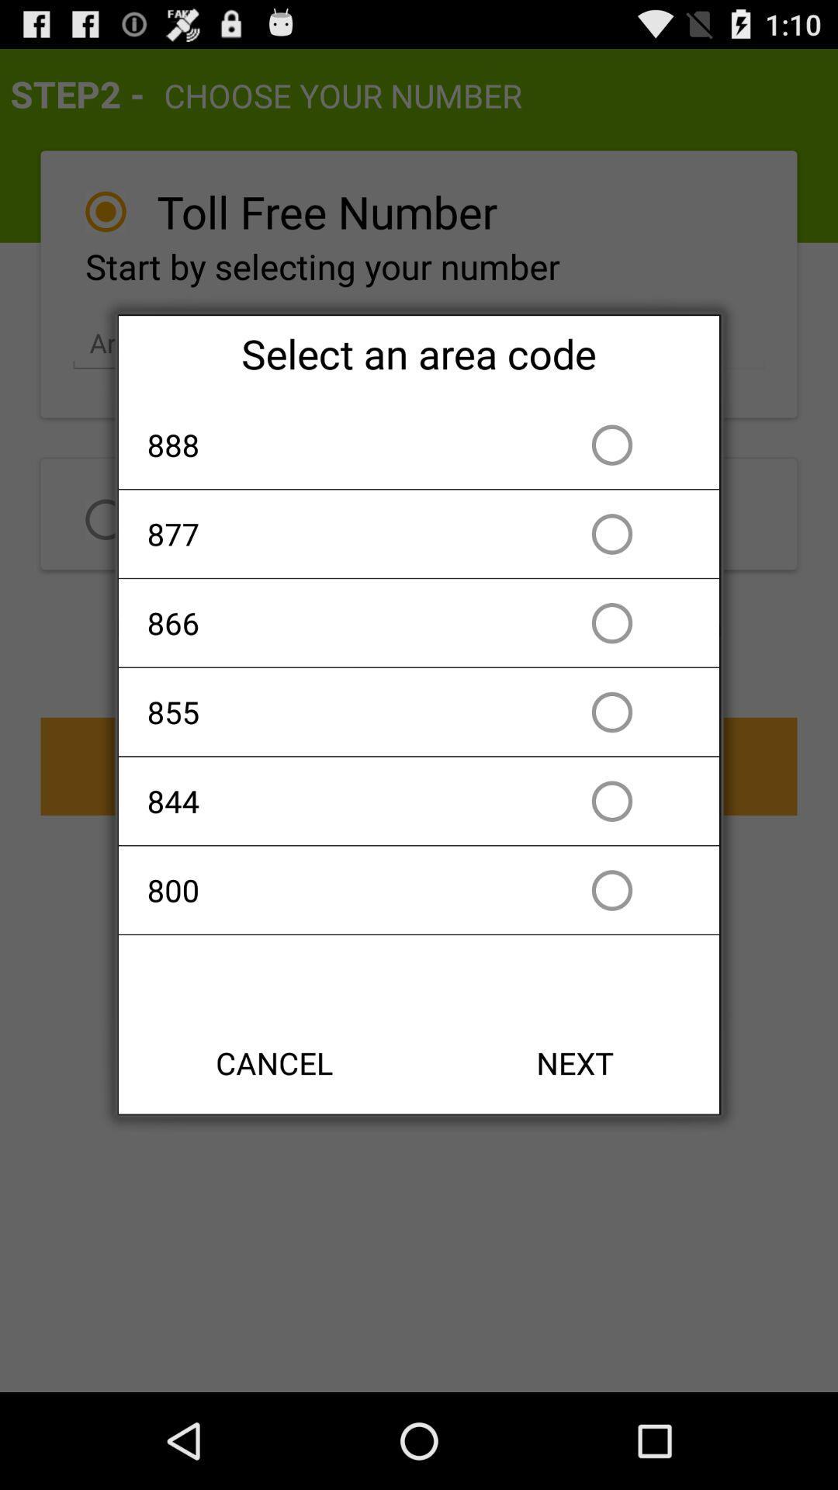  I want to click on cancel item, so click(274, 1062).